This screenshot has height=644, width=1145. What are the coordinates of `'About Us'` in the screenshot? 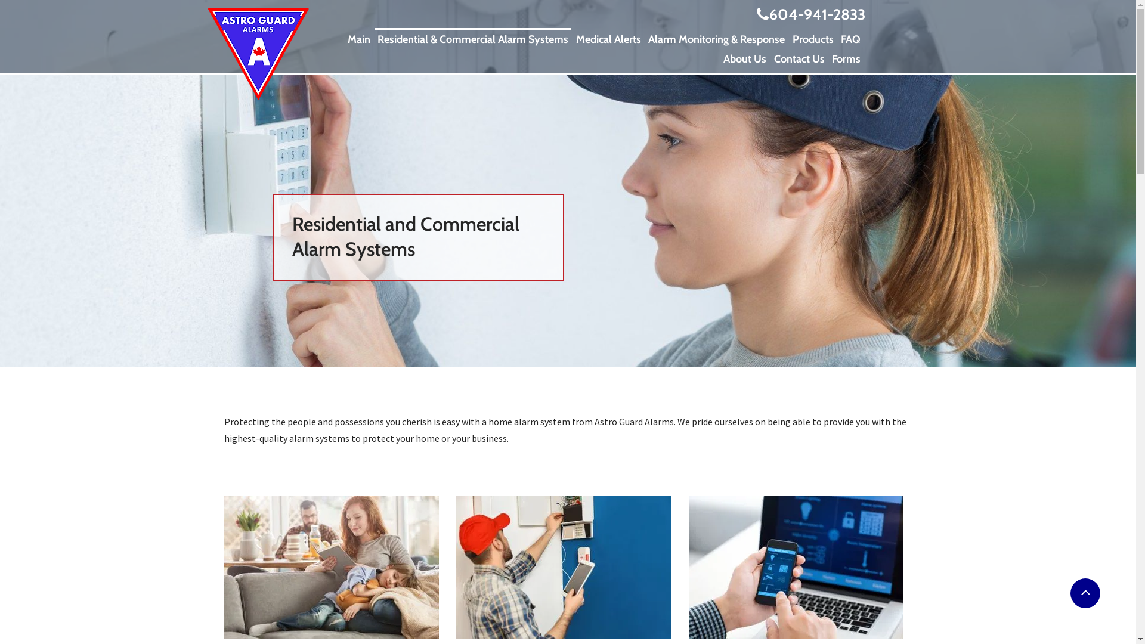 It's located at (744, 57).